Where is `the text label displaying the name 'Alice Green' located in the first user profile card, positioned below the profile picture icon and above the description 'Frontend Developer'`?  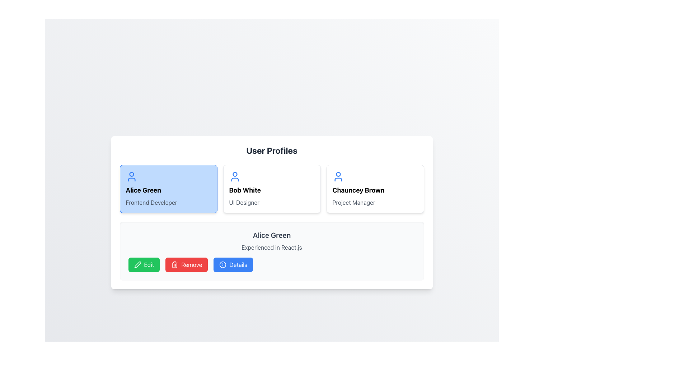 the text label displaying the name 'Alice Green' located in the first user profile card, positioned below the profile picture icon and above the description 'Frontend Developer' is located at coordinates (143, 190).